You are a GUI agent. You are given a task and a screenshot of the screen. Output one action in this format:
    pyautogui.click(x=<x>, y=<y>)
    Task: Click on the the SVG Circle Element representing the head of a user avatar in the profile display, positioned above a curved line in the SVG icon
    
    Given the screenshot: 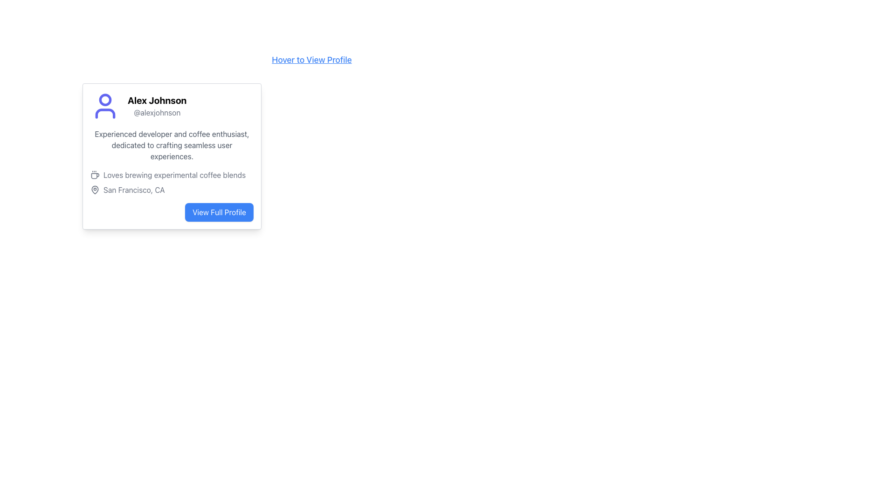 What is the action you would take?
    pyautogui.click(x=105, y=99)
    